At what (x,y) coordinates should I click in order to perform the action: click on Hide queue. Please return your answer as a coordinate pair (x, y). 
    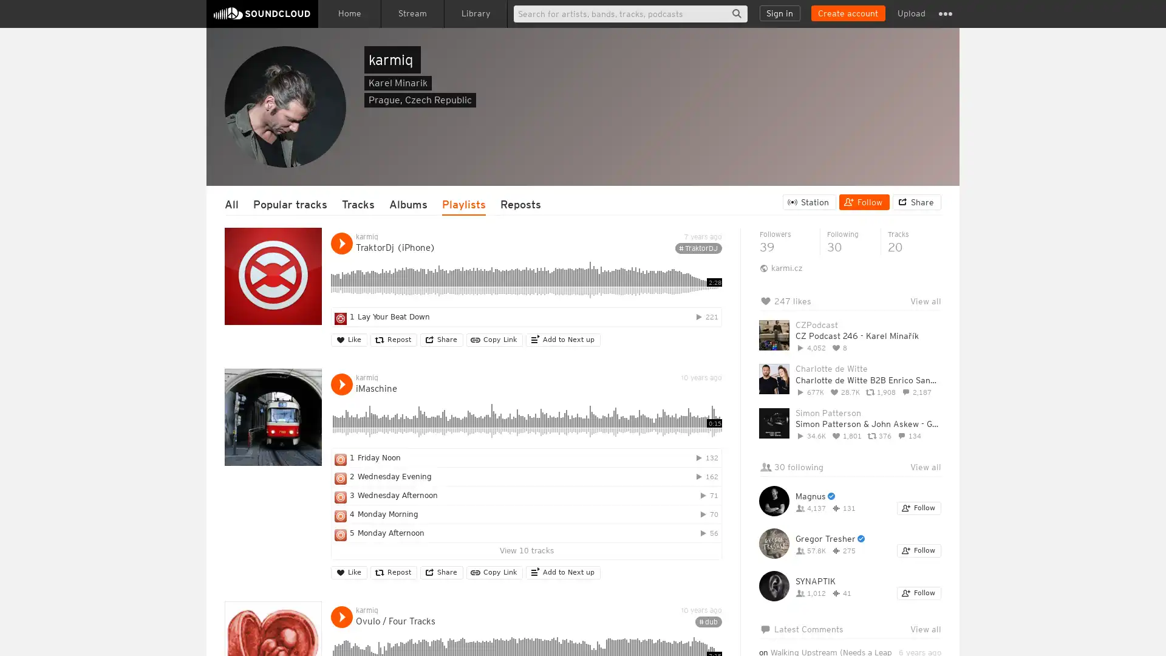
    Looking at the image, I should click on (933, 332).